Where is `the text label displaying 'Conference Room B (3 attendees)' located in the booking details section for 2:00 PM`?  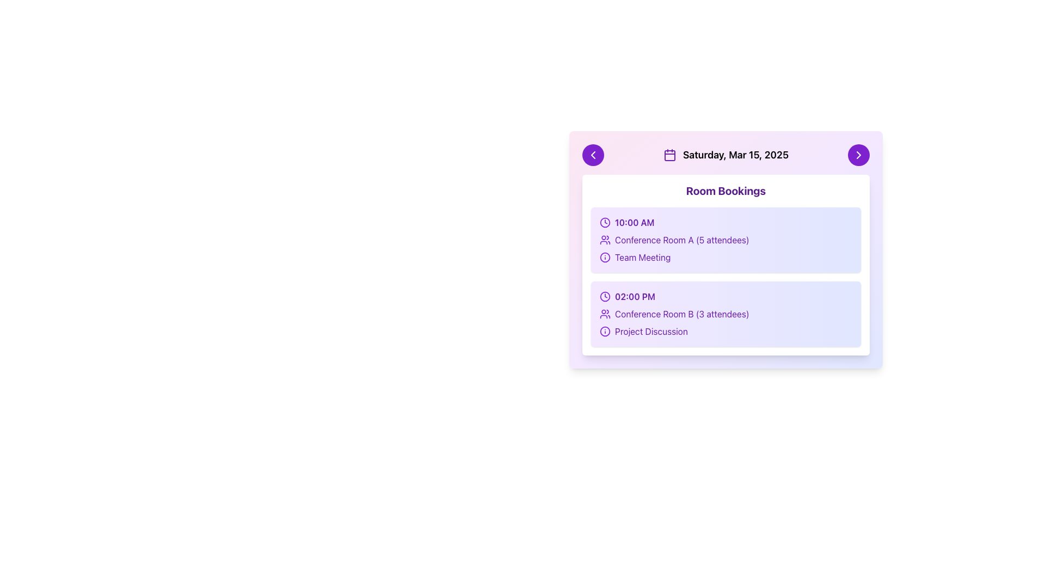
the text label displaying 'Conference Room B (3 attendees)' located in the booking details section for 2:00 PM is located at coordinates (681, 314).